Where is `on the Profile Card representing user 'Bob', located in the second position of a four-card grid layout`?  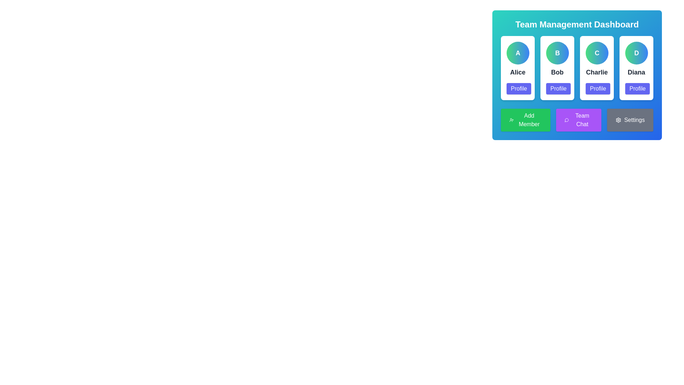
on the Profile Card representing user 'Bob', located in the second position of a four-card grid layout is located at coordinates (557, 68).